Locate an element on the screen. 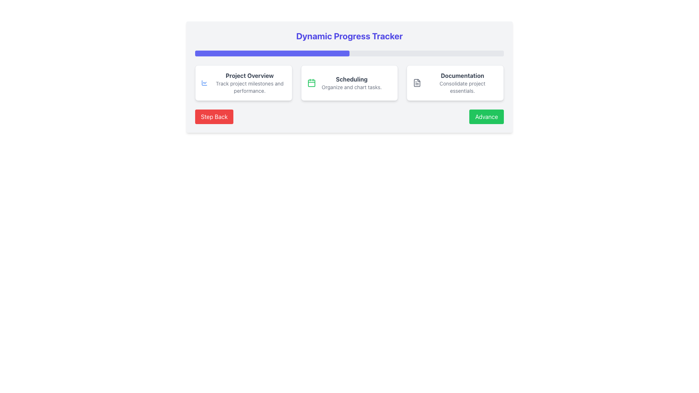 This screenshot has height=393, width=699. the 'Advance' button, which is a rectangular button with a green background and rounded corners is located at coordinates (486, 116).